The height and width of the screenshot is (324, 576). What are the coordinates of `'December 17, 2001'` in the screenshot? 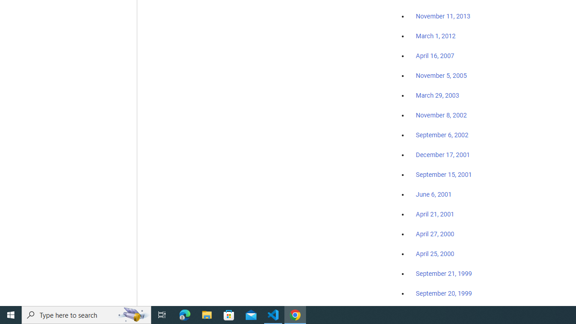 It's located at (443, 154).